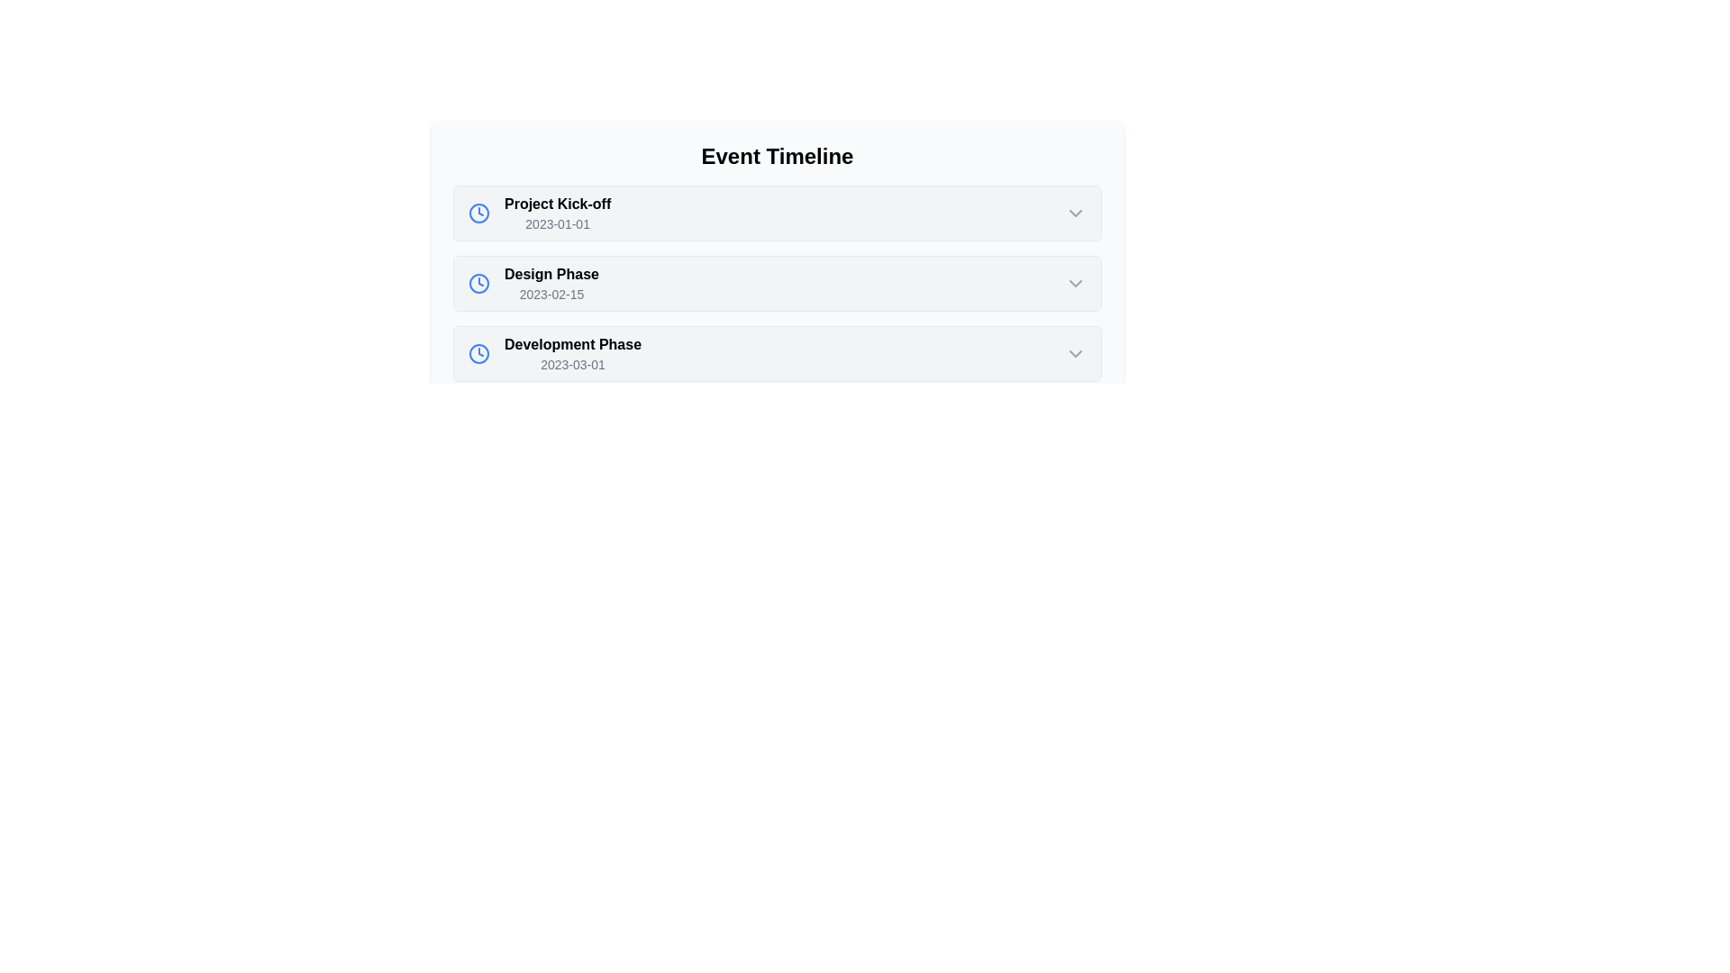 The image size is (1730, 973). I want to click on the 'Project Kick-off' text block located under the 'Event Timeline' heading, which is the first item in the event timeline list, so click(557, 212).